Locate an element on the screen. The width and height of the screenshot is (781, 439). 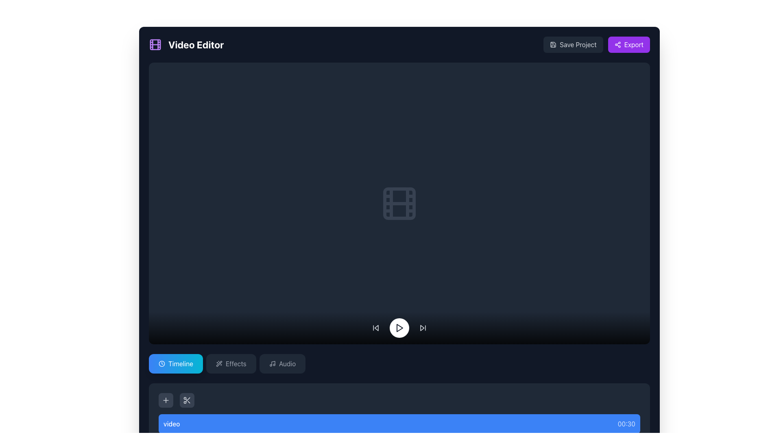
the Control bar with a black gradient background located at the bottom of the interface, which features several interactive control elements aligned centrally is located at coordinates (399, 327).